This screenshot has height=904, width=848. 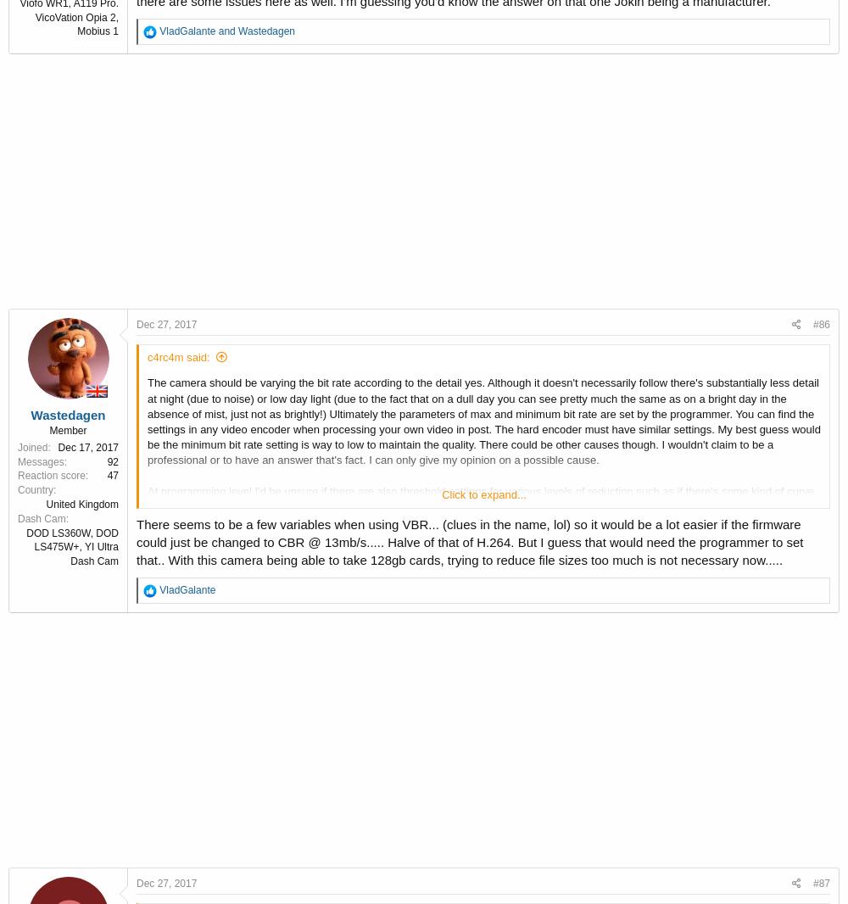 I want to click on 'There seems to be a few variables when using VBR... (clues in the name, lol) so it would be a lot easier if the firmware could just be changed to CBR @ 13mb/s..... Halve of that of H.264. But I guess that would need the programmer to set that.. With this camera being able to take 128gb cards, trying to reduce file sizes too much is not necessary now.....', so click(x=470, y=540).